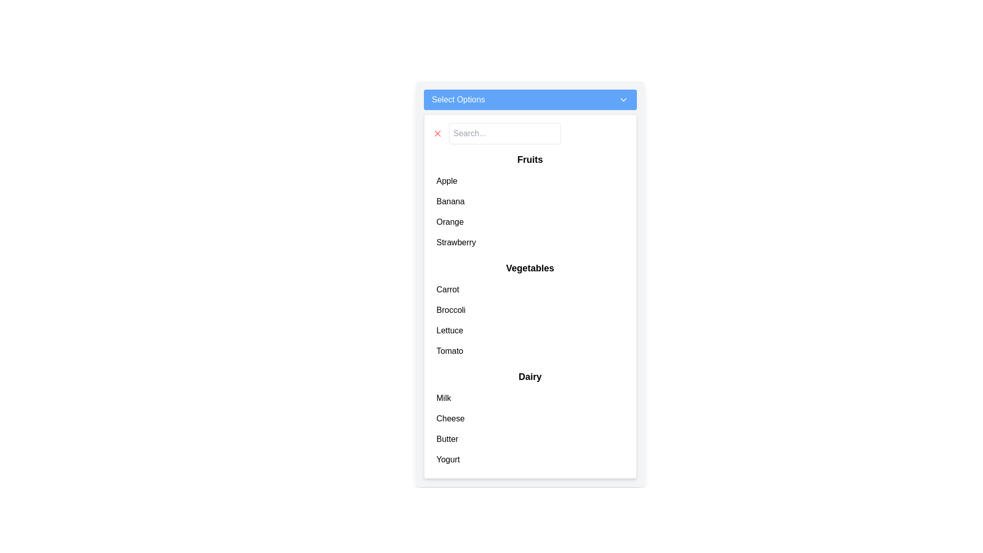  What do you see at coordinates (437, 133) in the screenshot?
I see `the red 'X' shaped close button located to the top-left of the text input field in the dropdown menu` at bounding box center [437, 133].